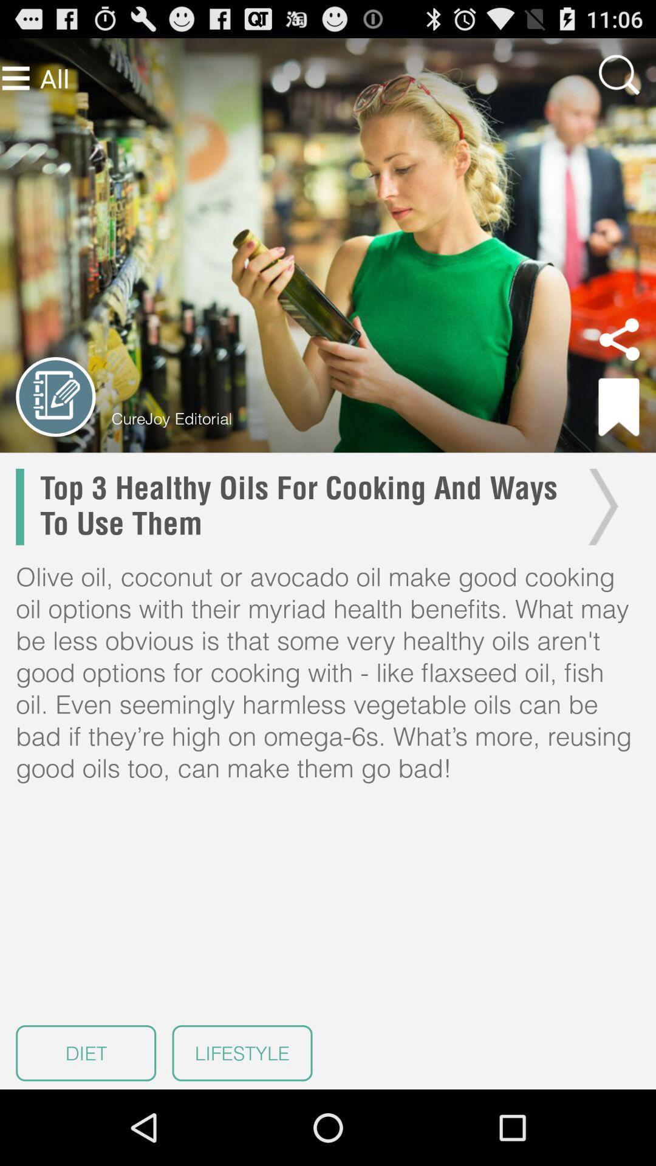  Describe the element at coordinates (242, 1052) in the screenshot. I see `the lifestyle at the bottom` at that location.